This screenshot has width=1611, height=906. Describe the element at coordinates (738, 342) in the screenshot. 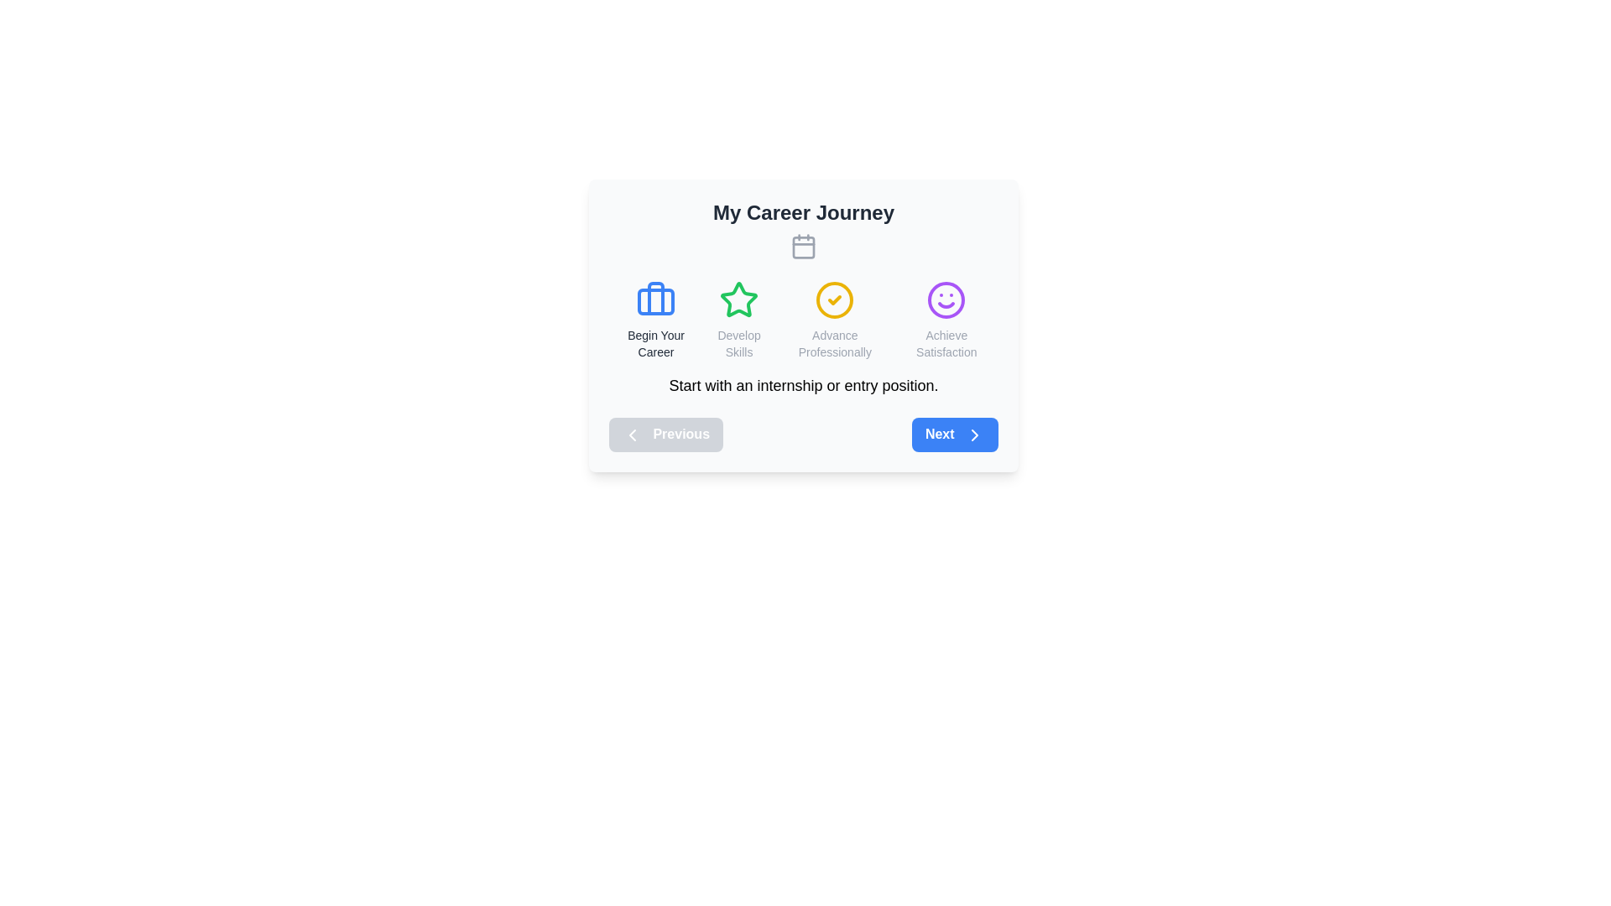

I see `the 'Develop Skills' text label, which is styled in a smaller font size and located below a green star icon in the second column of the grid layout` at that location.